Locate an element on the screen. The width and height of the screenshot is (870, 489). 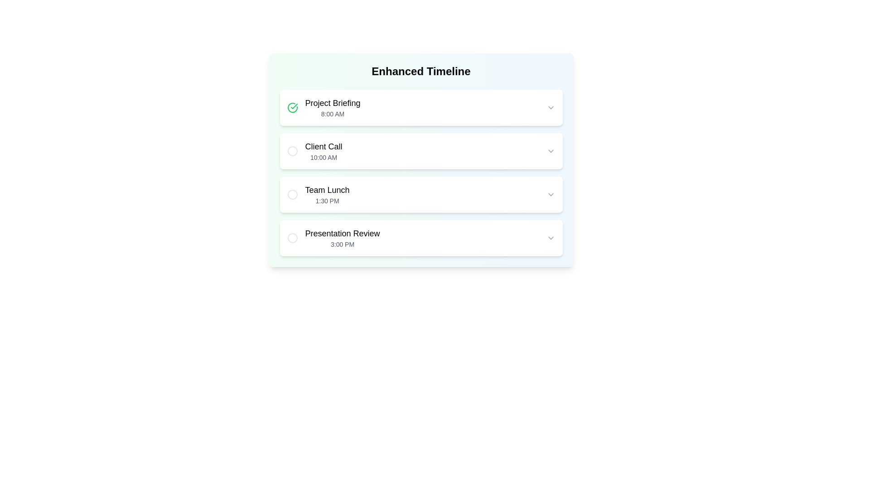
text of the event titled 'Presentation Review' scheduled at '3:00 PM', which is the last item in the vertical list of events is located at coordinates (333, 237).